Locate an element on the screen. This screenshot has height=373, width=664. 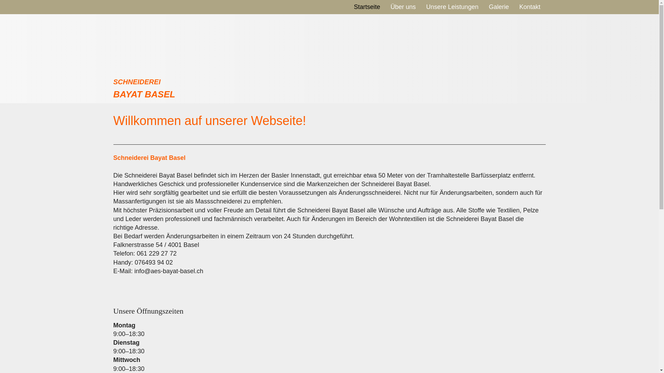
'Unsere Leistungen' is located at coordinates (452, 7).